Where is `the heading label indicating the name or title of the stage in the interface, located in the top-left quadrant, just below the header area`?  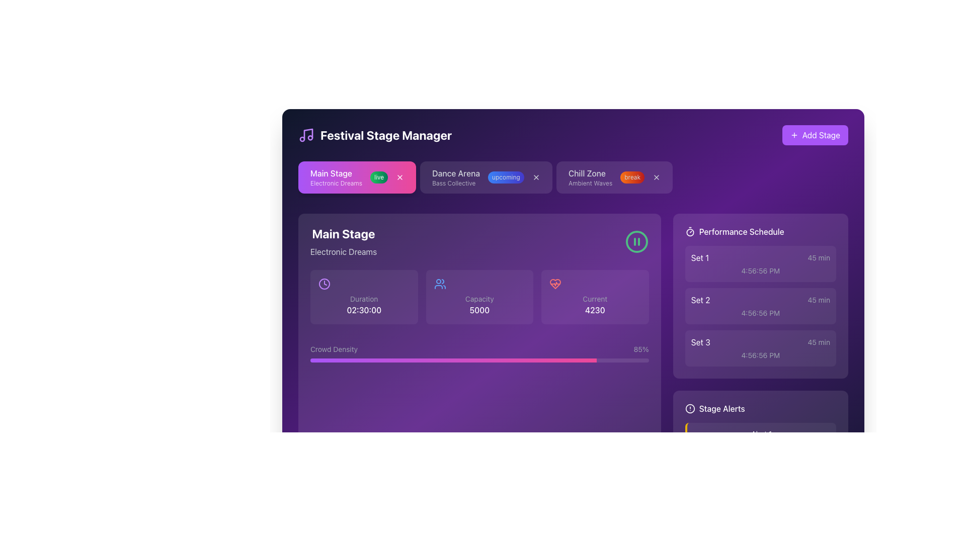 the heading label indicating the name or title of the stage in the interface, located in the top-left quadrant, just below the header area is located at coordinates (344, 234).